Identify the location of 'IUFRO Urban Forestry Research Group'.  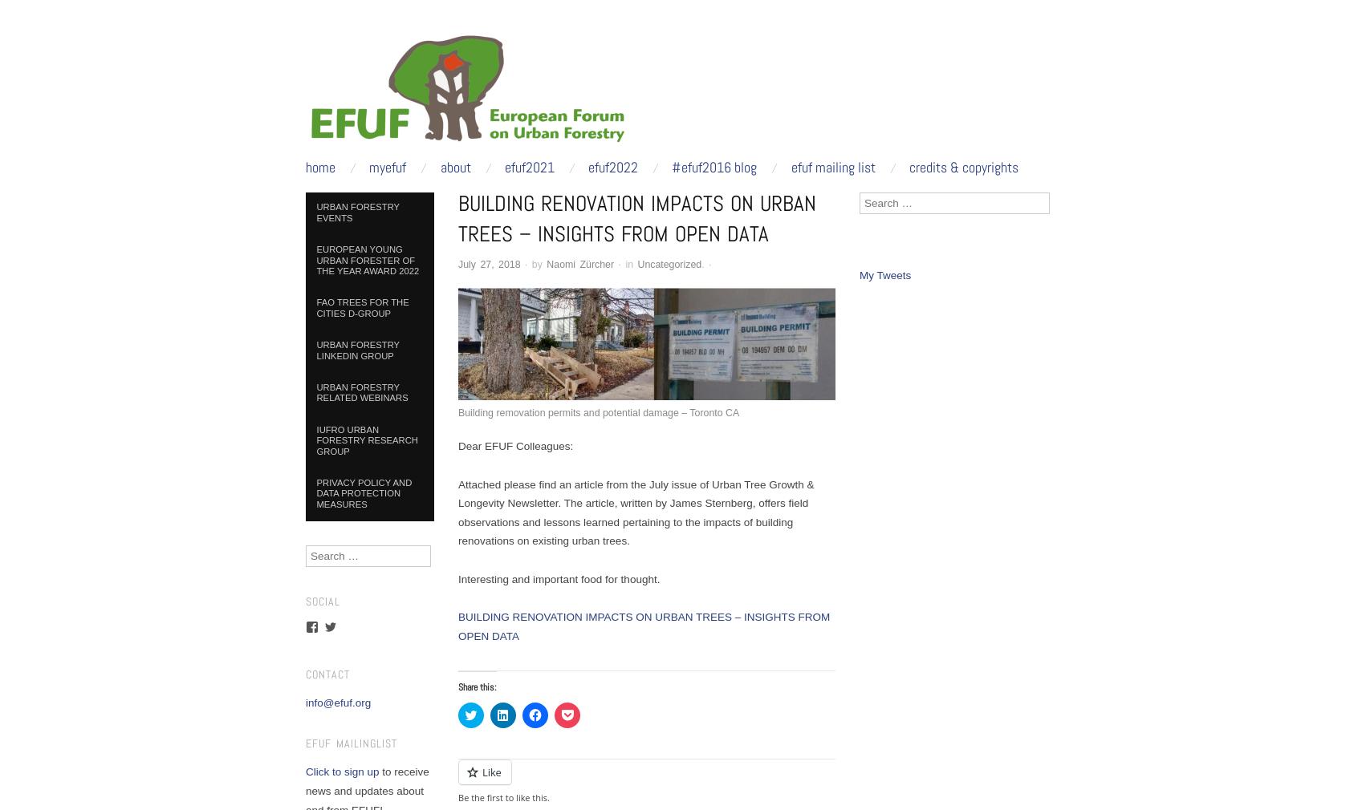
(366, 439).